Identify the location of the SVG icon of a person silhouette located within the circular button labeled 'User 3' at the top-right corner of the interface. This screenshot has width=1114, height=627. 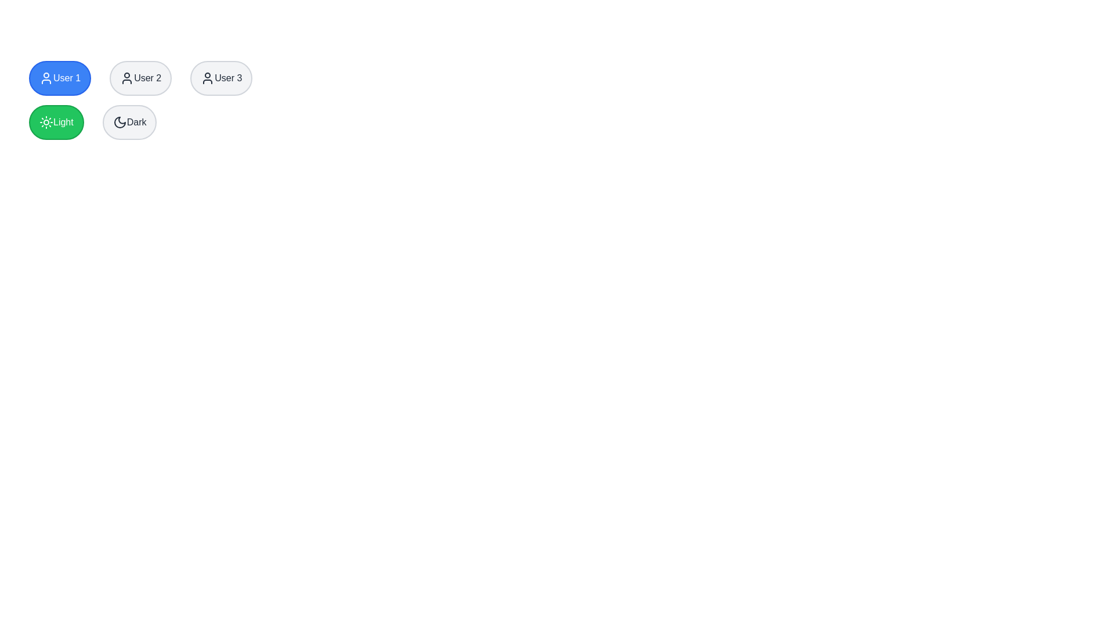
(208, 78).